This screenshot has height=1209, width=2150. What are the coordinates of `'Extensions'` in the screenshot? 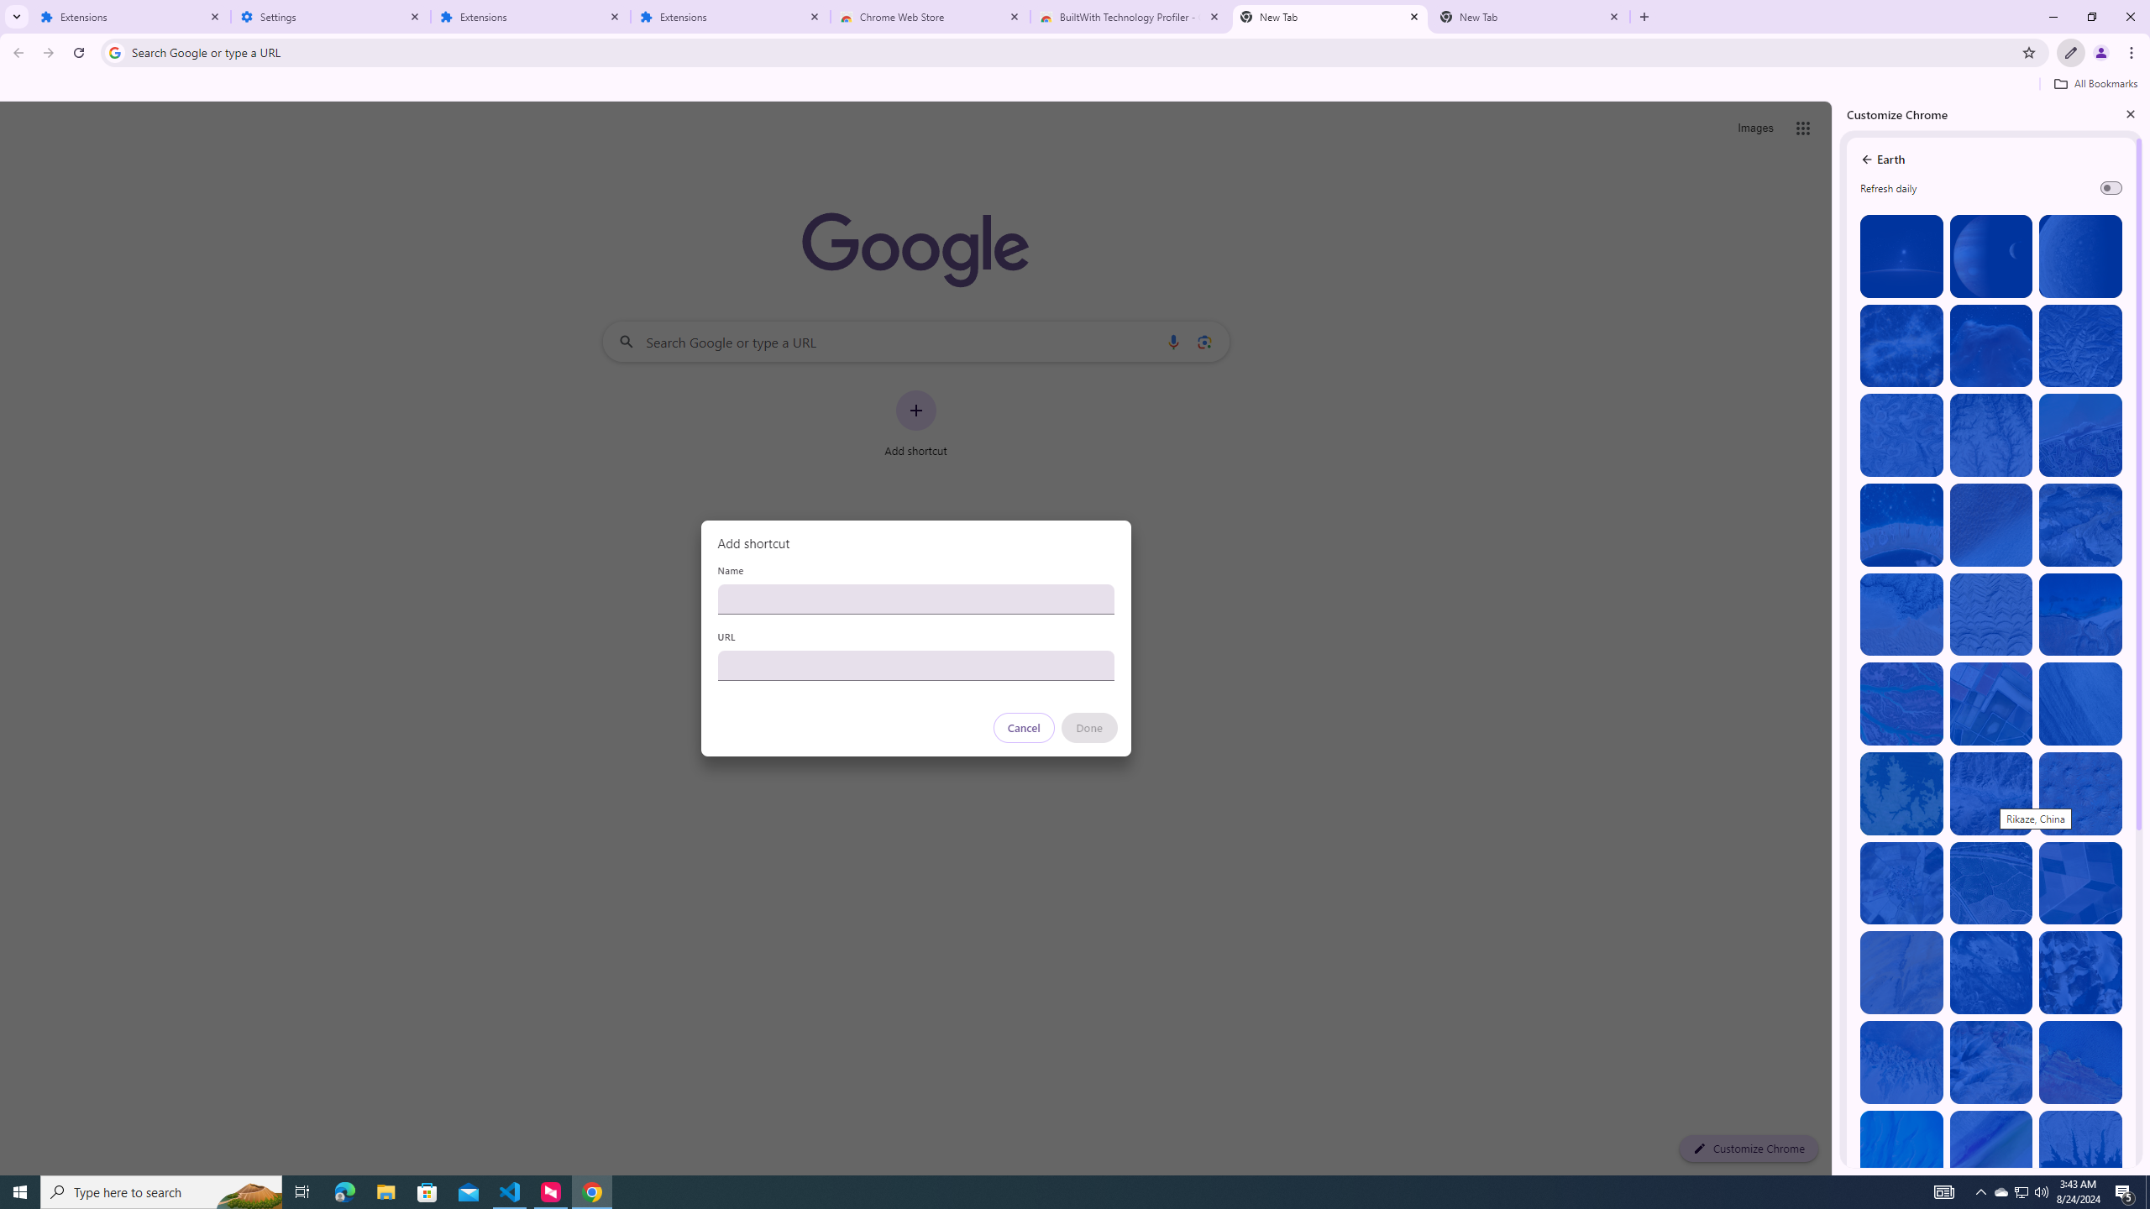 It's located at (130, 16).